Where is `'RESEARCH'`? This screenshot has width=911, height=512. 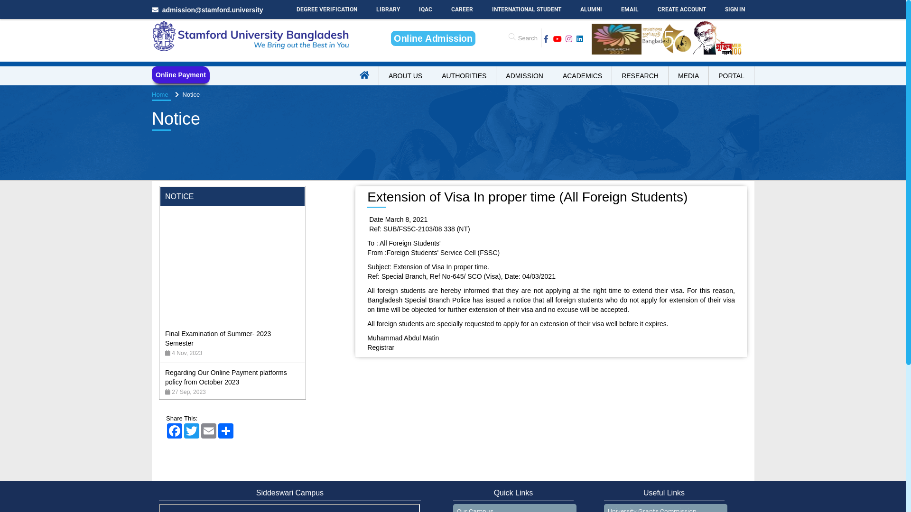 'RESEARCH' is located at coordinates (612, 75).